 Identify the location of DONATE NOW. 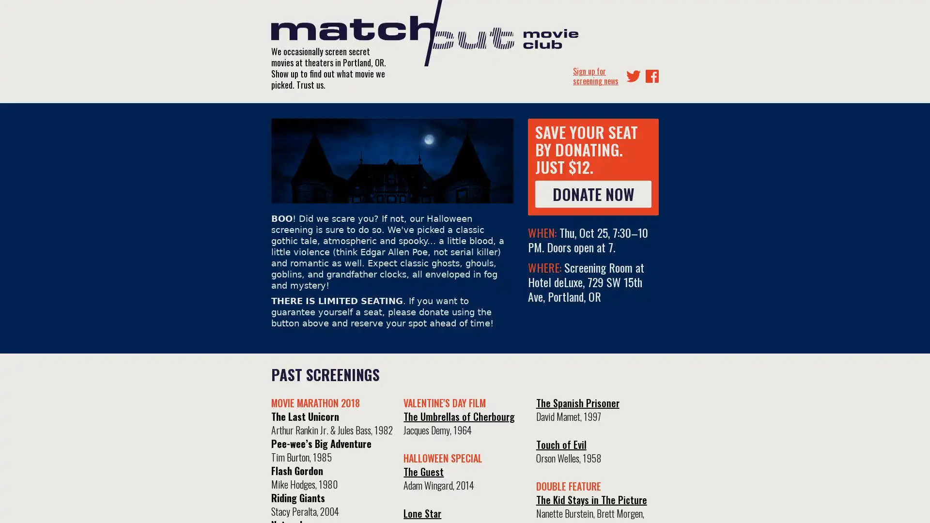
(592, 194).